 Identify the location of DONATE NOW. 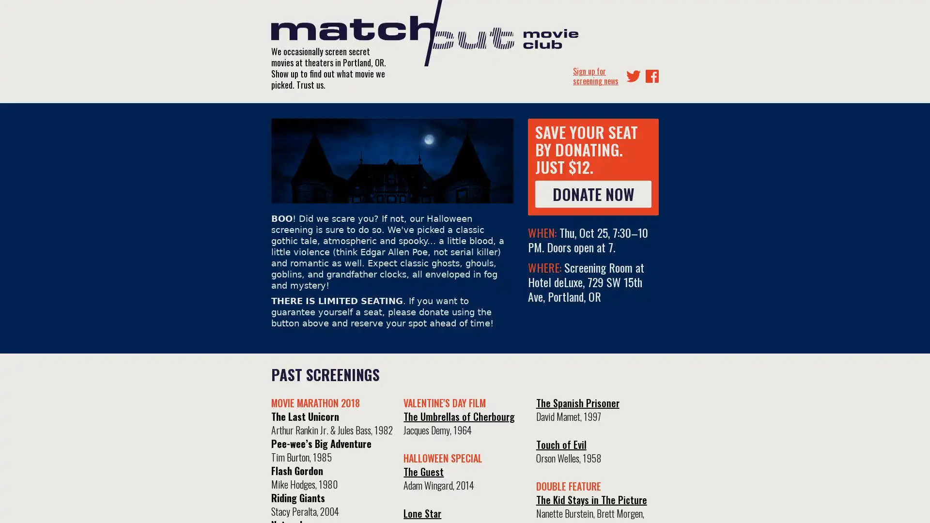
(592, 194).